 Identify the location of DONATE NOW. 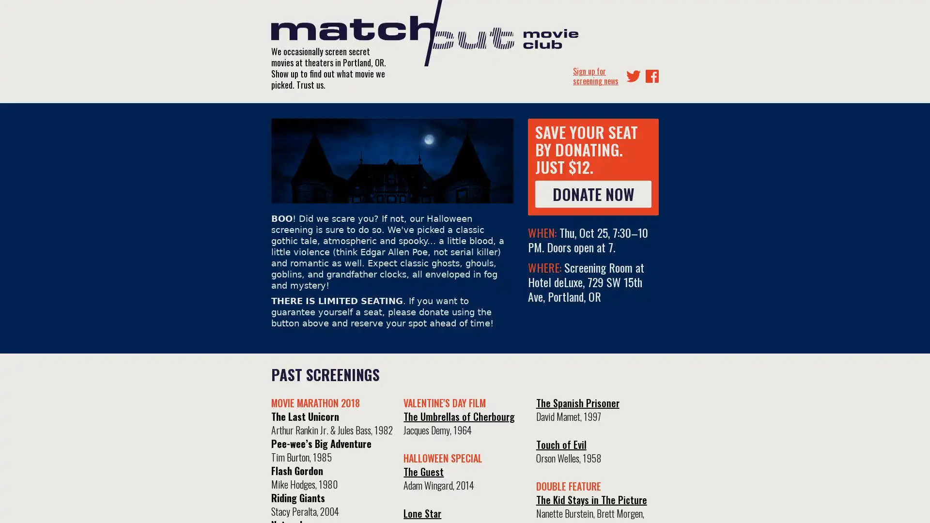
(592, 194).